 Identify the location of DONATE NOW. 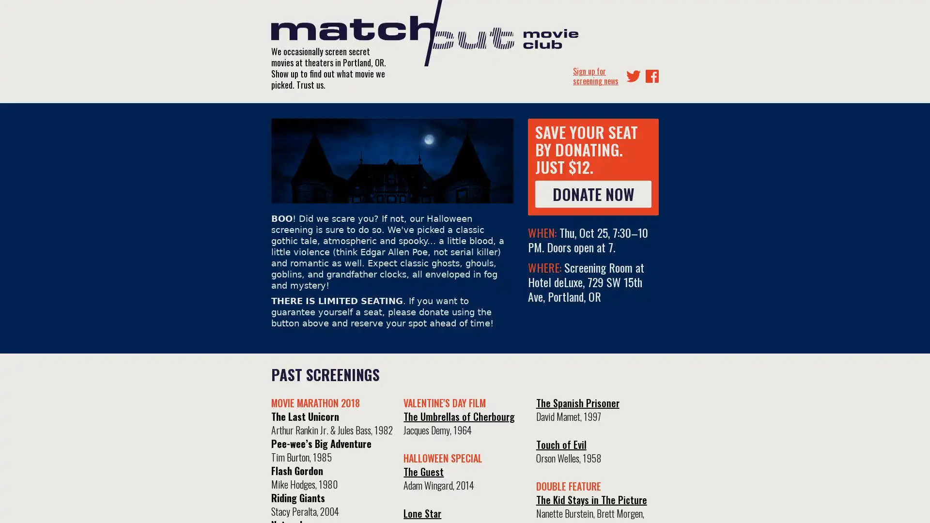
(592, 194).